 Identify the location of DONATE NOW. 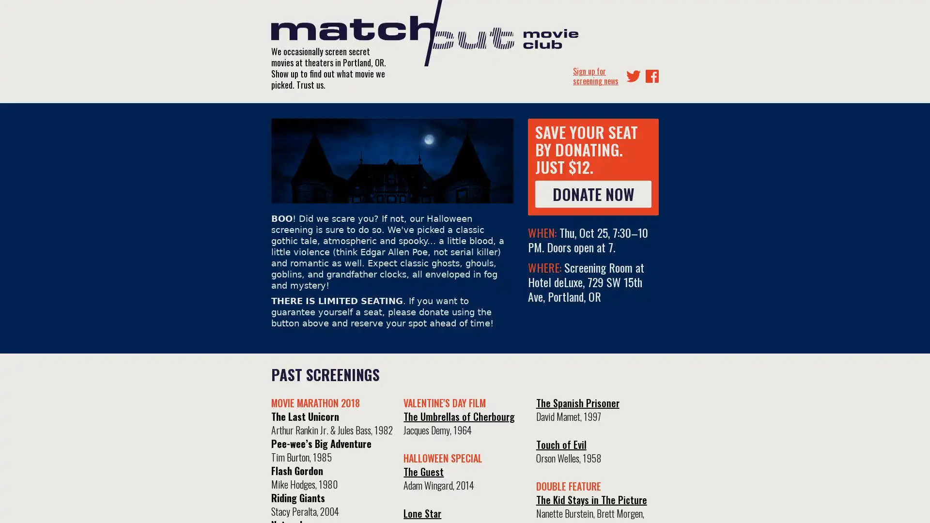
(592, 194).